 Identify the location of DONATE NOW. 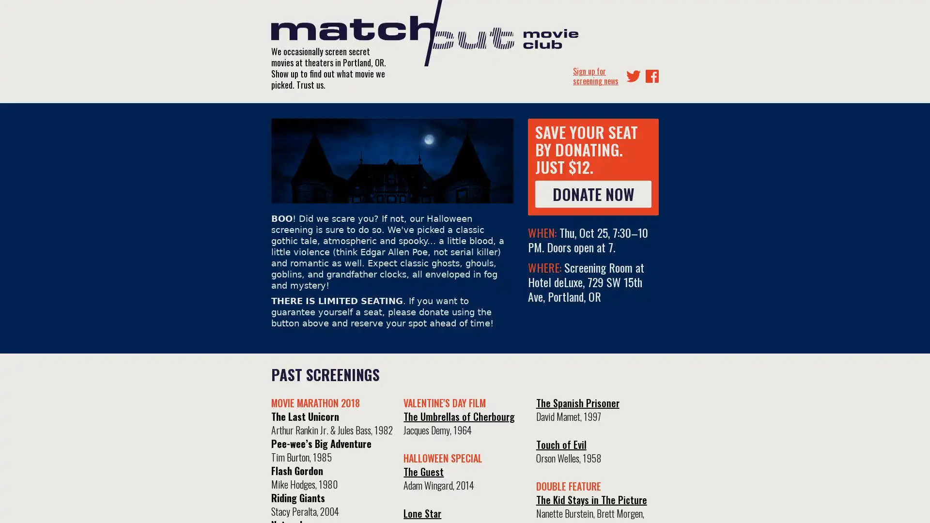
(592, 194).